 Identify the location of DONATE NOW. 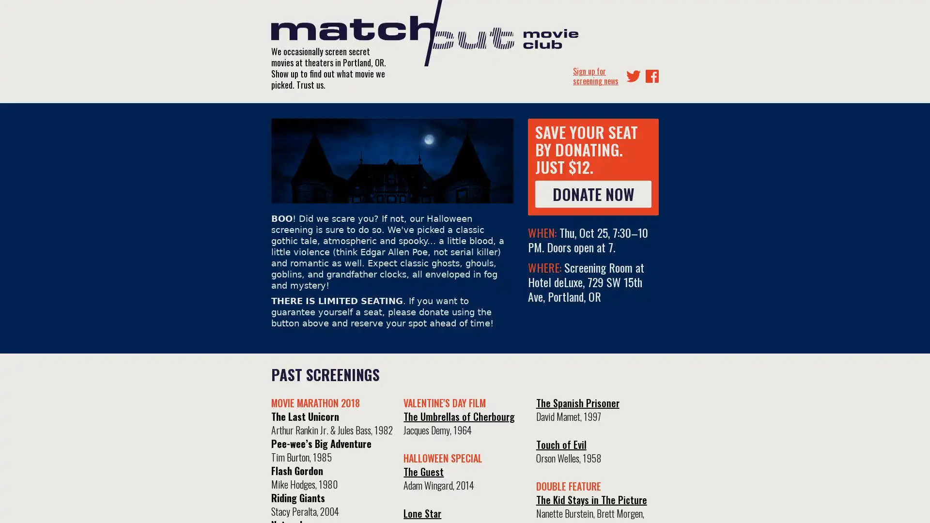
(592, 194).